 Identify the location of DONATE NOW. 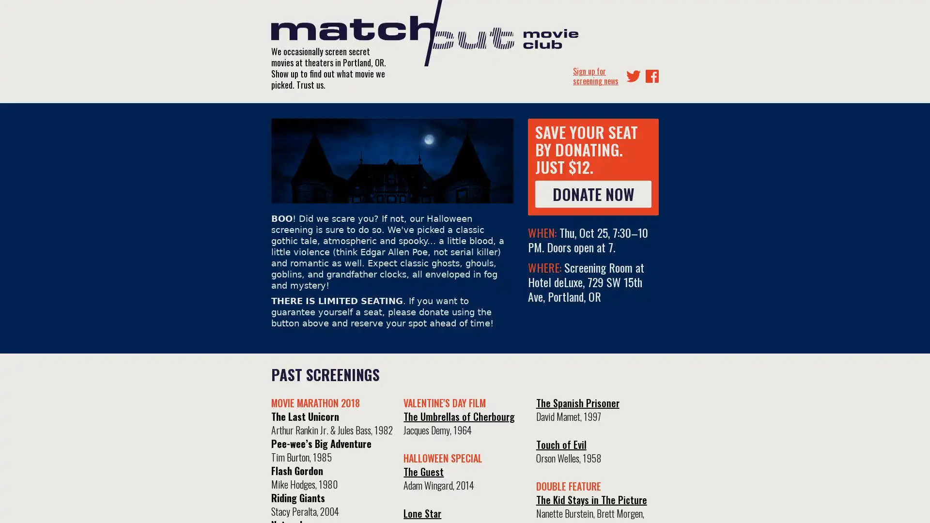
(592, 194).